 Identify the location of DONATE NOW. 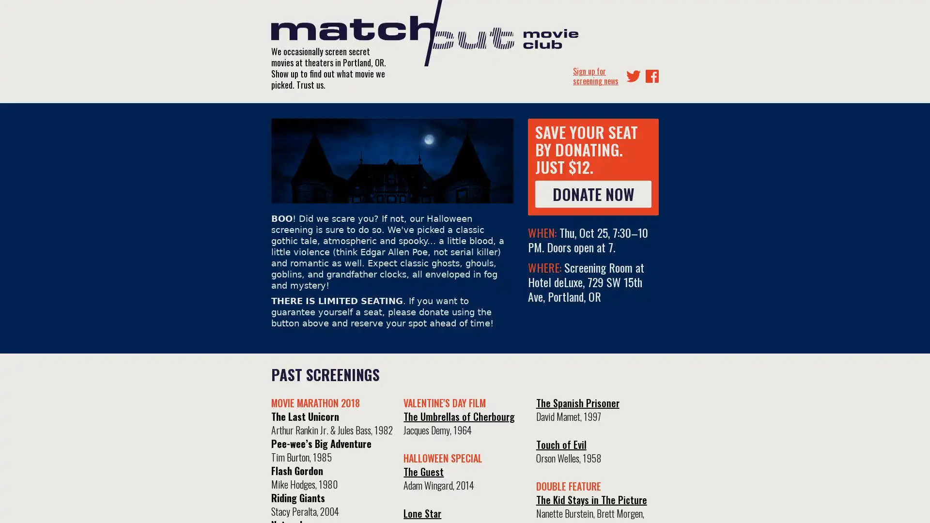
(592, 194).